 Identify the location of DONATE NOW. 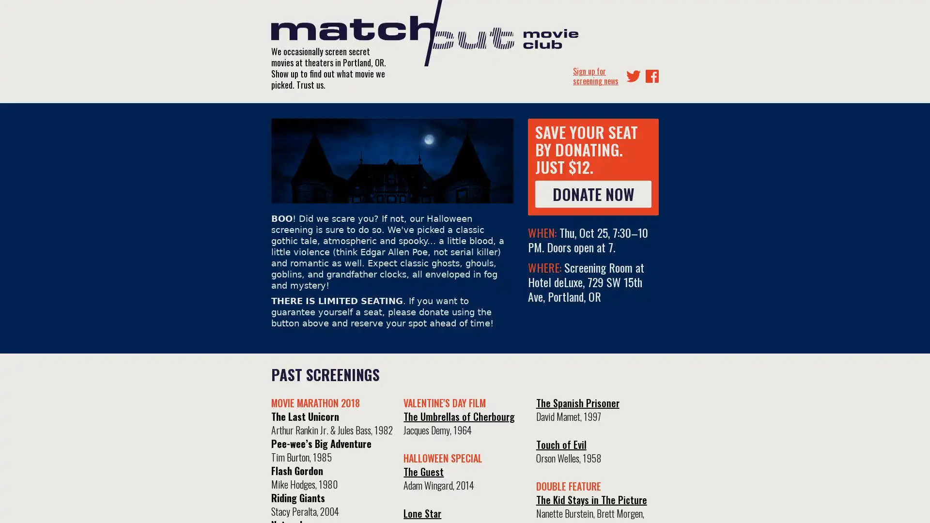
(592, 194).